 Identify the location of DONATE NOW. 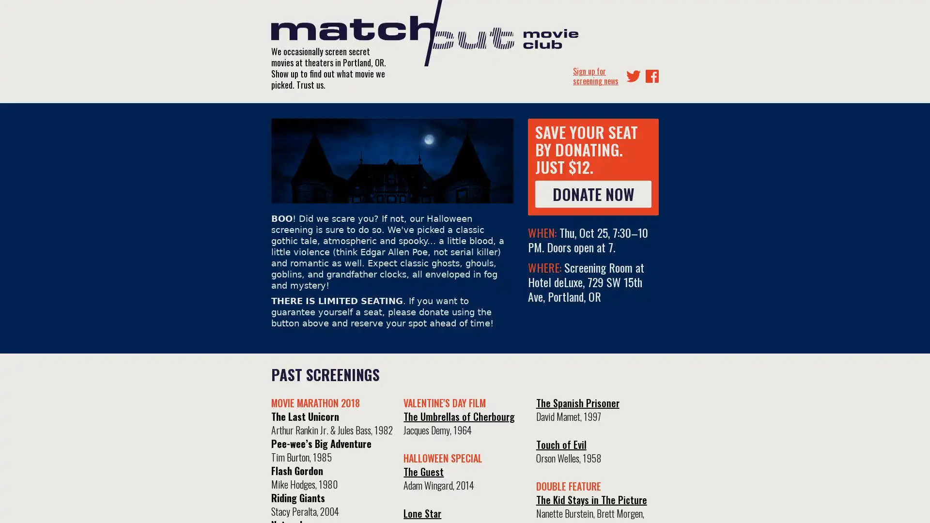
(592, 194).